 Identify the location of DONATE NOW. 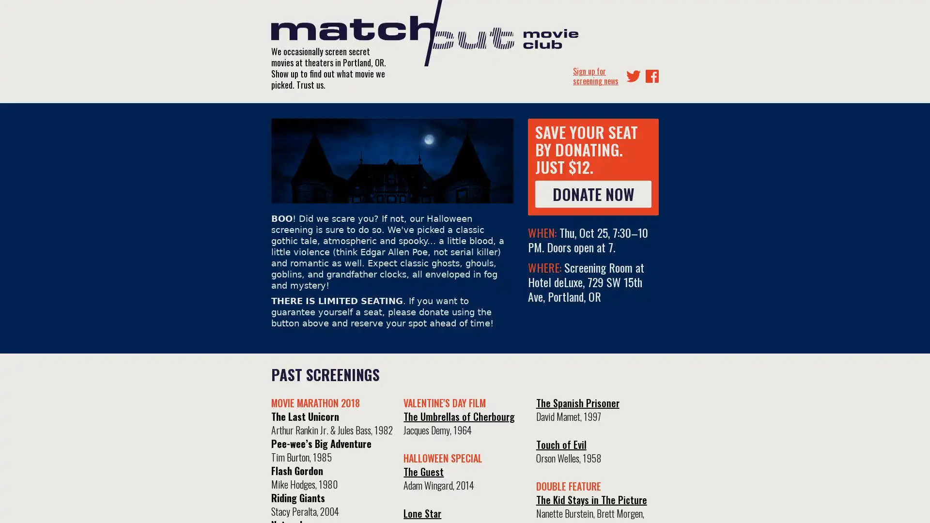
(592, 194).